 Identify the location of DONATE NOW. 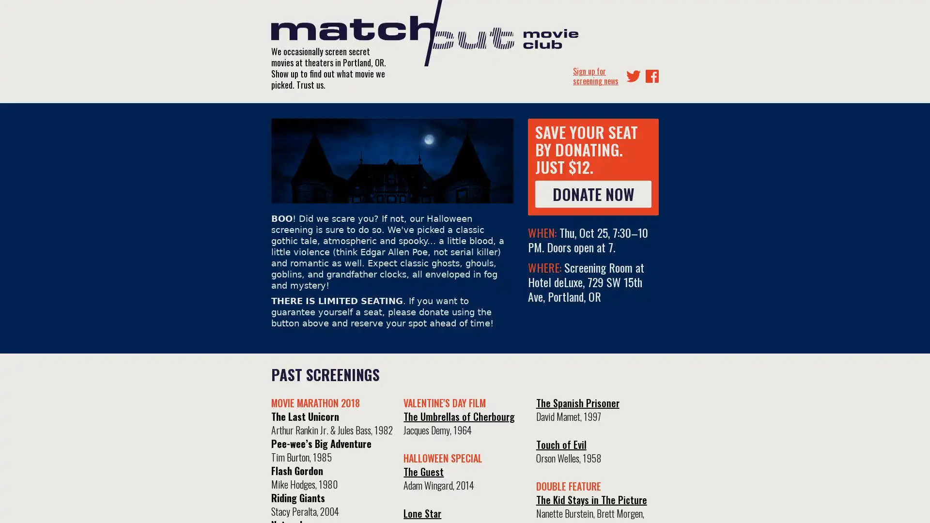
(592, 194).